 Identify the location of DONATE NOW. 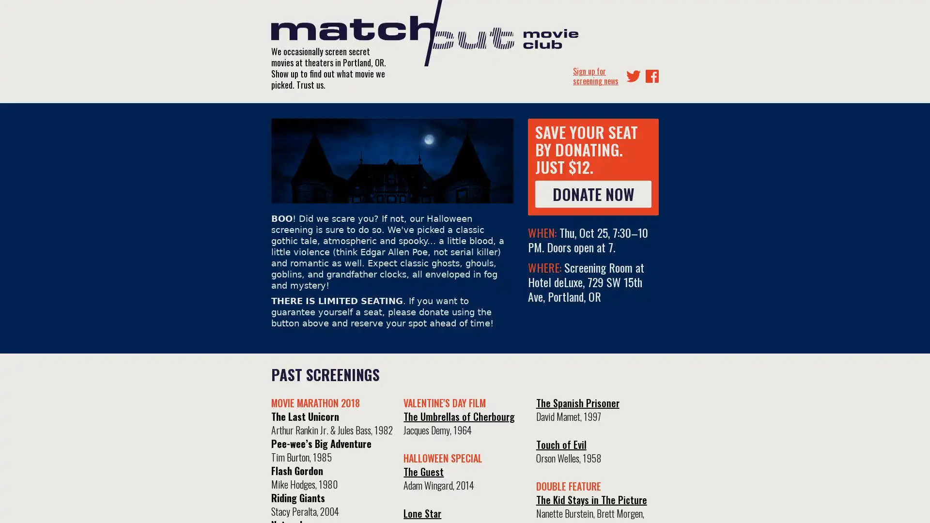
(592, 194).